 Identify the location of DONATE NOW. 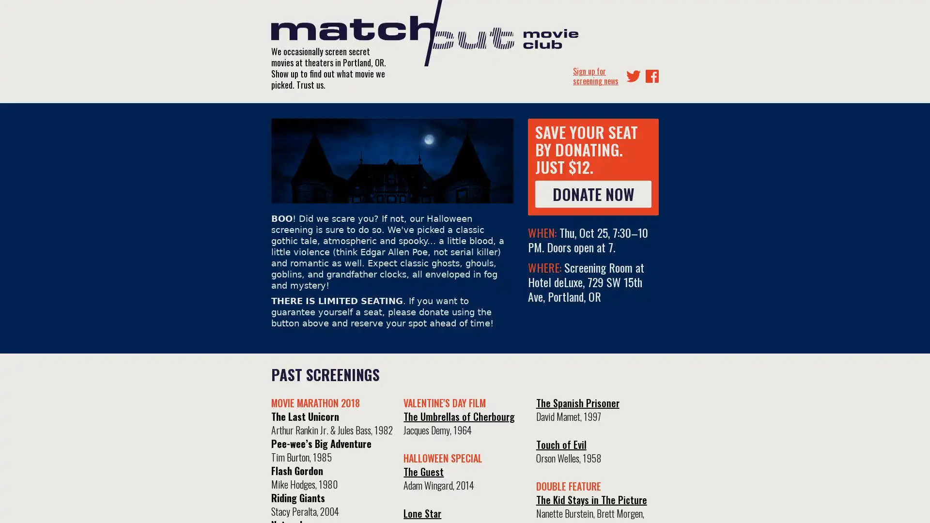
(592, 194).